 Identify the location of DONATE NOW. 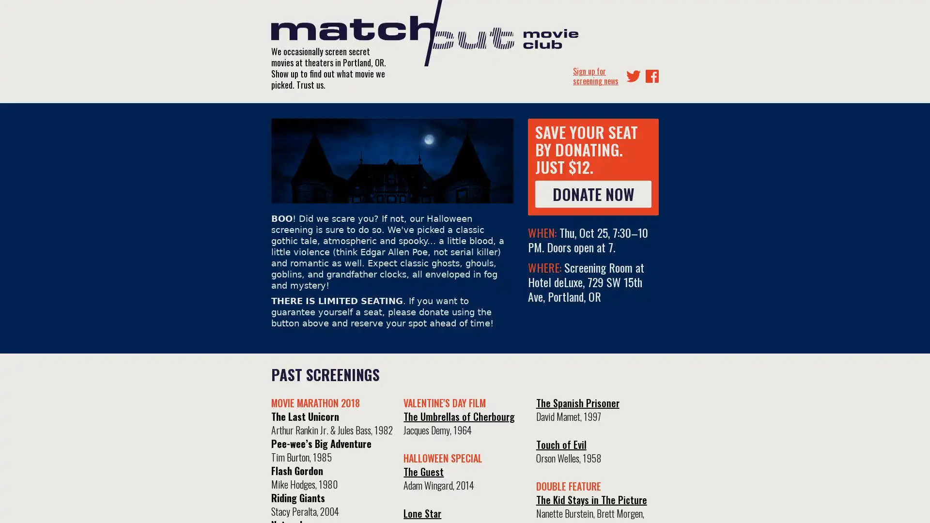
(592, 194).